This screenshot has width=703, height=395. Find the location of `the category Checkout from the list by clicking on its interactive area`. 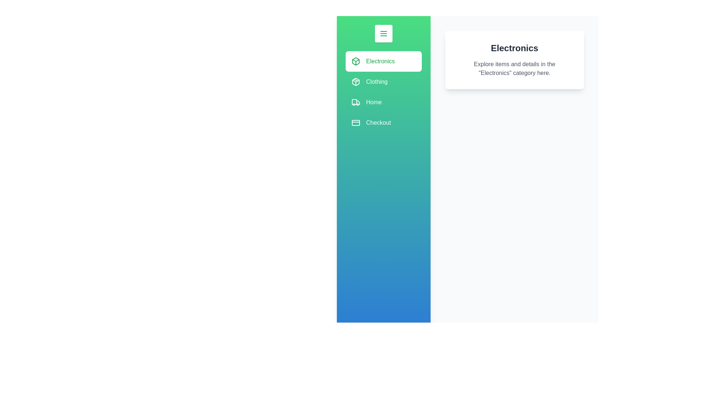

the category Checkout from the list by clicking on its interactive area is located at coordinates (383, 122).